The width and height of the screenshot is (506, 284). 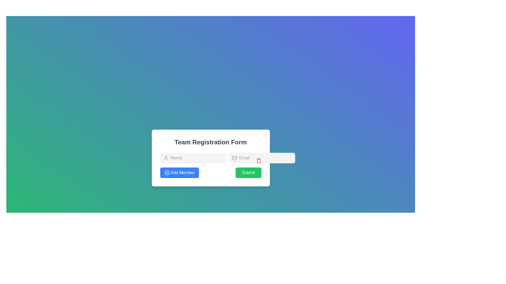 What do you see at coordinates (248, 173) in the screenshot?
I see `the submit button located in the bottom-right corner of the 'Team Registration Form' card` at bounding box center [248, 173].